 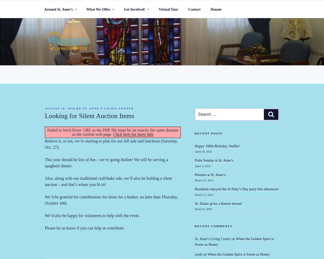 What do you see at coordinates (79, 109) in the screenshot?
I see `'by'` at bounding box center [79, 109].